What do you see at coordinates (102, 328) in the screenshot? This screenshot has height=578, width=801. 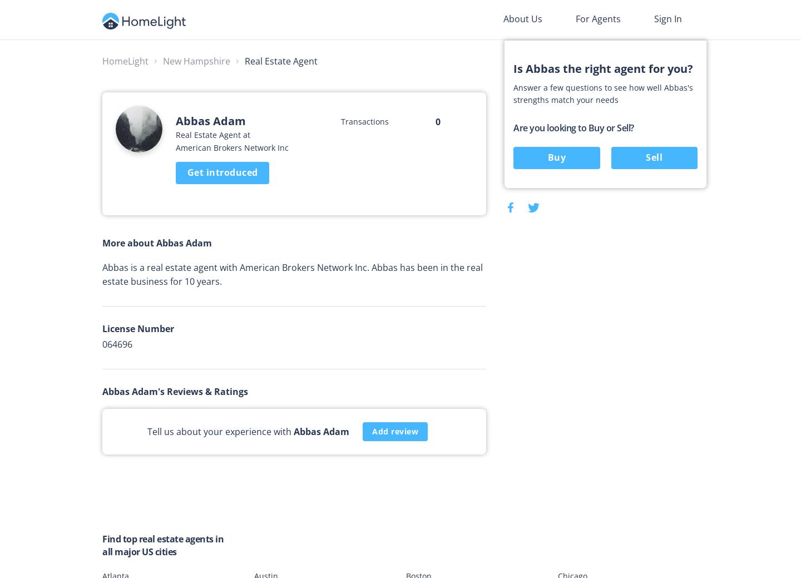 I see `'License Number'` at bounding box center [102, 328].